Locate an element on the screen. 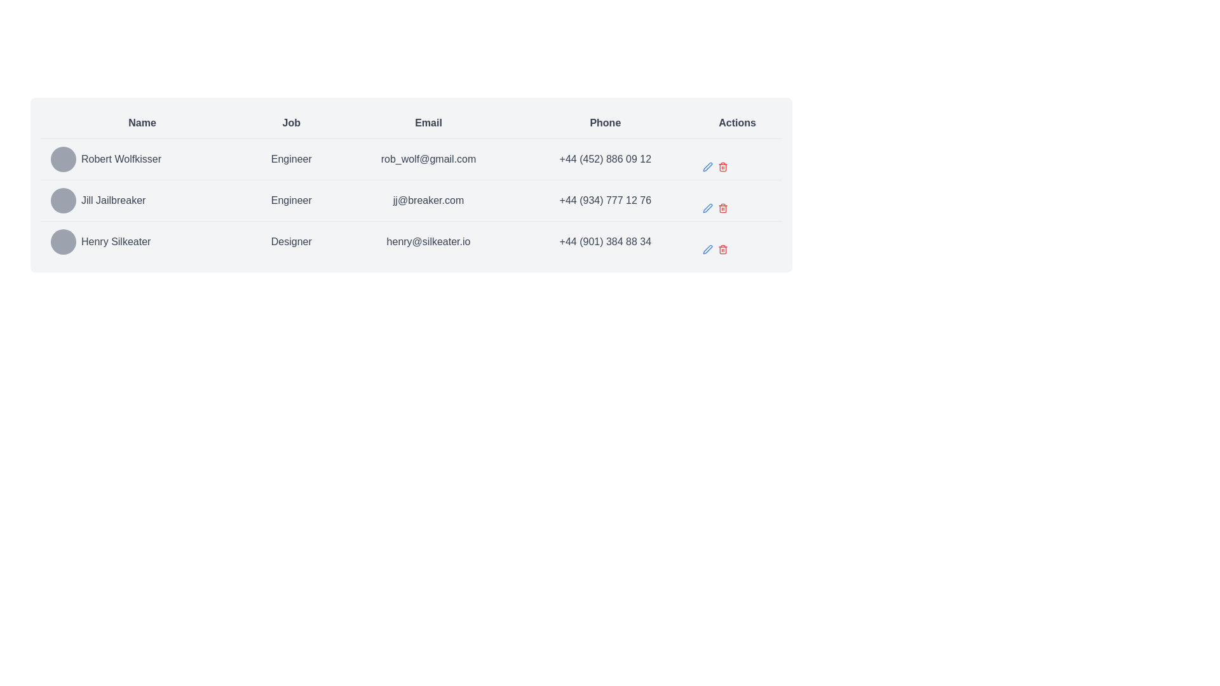  the first table row containing user information for 'Robert Wolfkisser' to view the context menu is located at coordinates (411, 158).